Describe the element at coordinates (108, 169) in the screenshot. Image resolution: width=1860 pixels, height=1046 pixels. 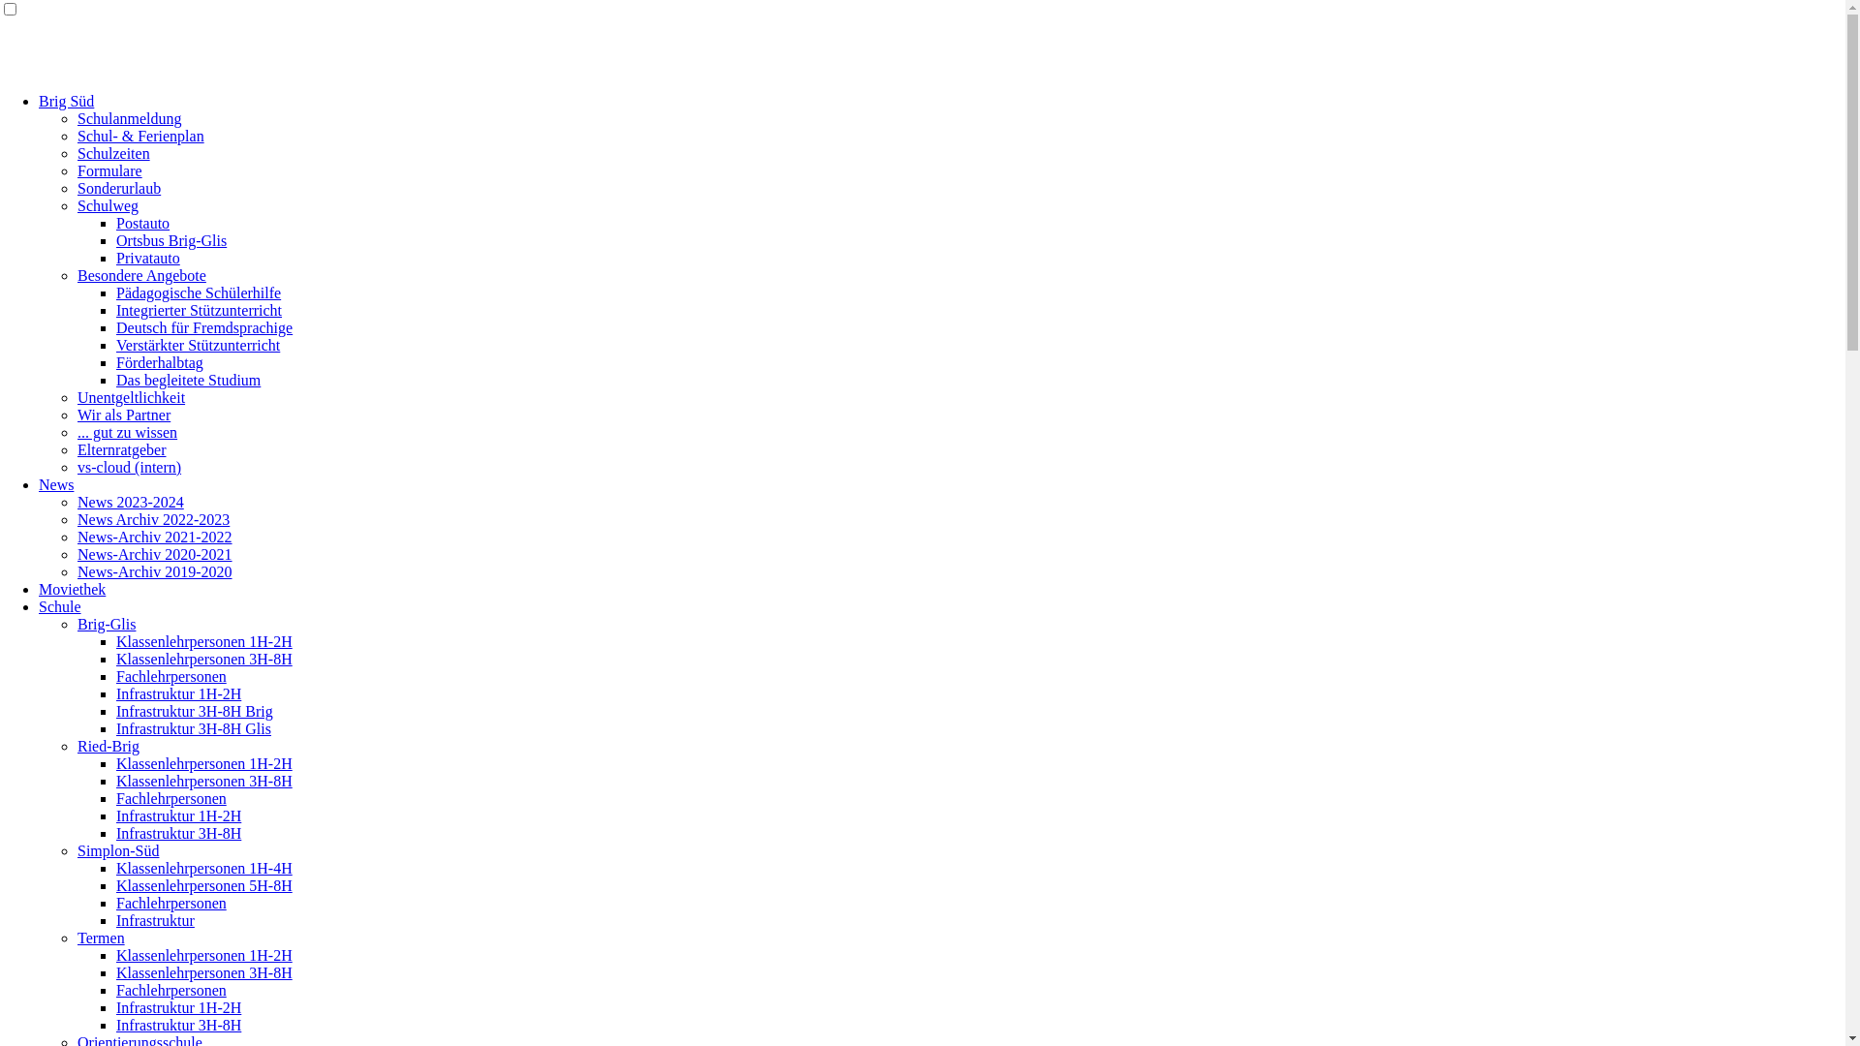
I see `'Formulare'` at that location.